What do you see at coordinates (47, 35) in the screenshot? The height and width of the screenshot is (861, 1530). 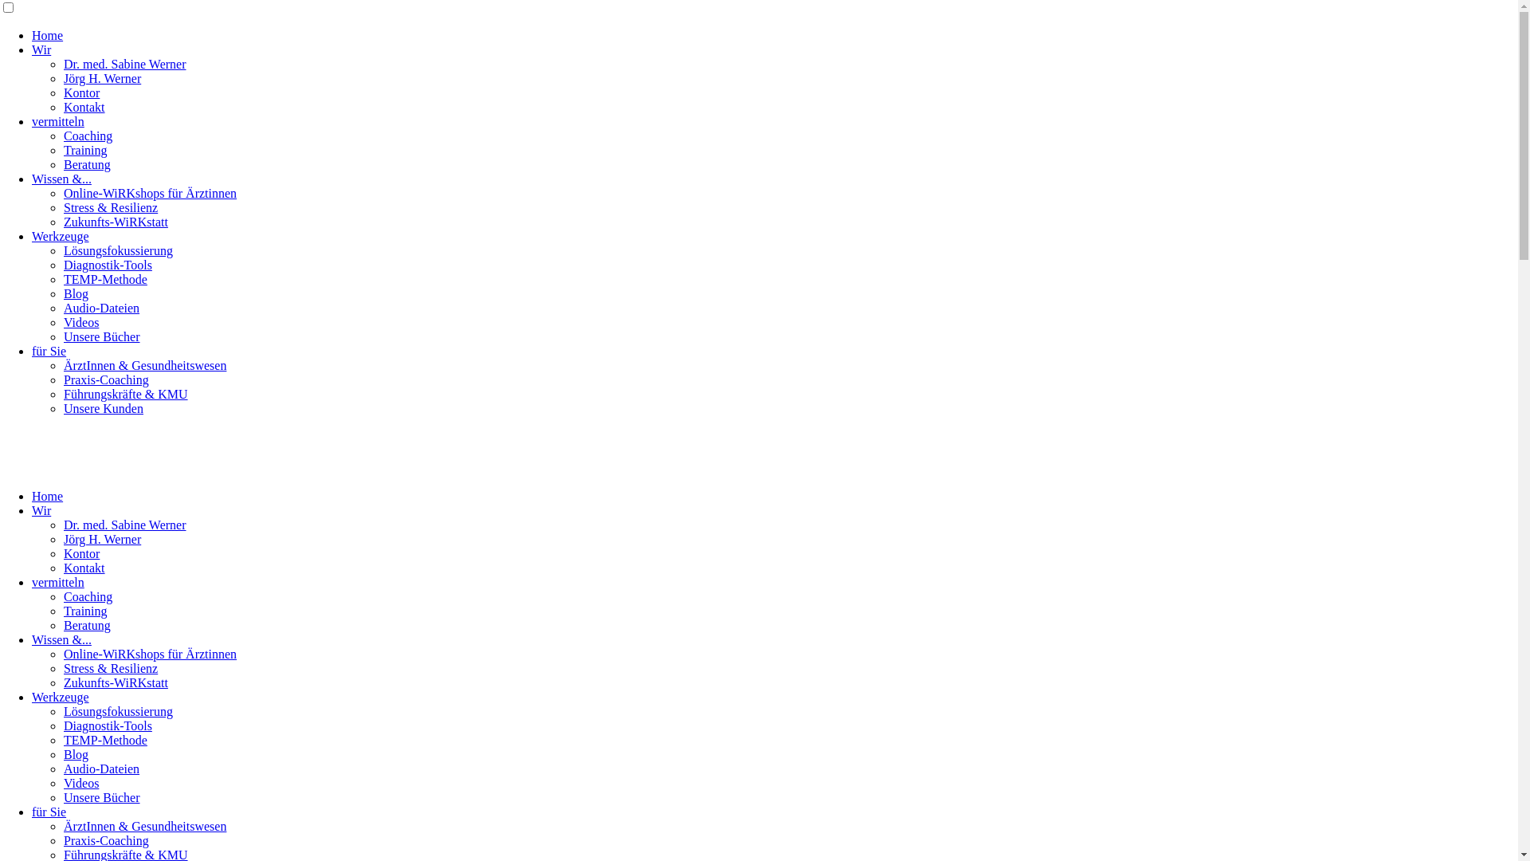 I see `'Home'` at bounding box center [47, 35].